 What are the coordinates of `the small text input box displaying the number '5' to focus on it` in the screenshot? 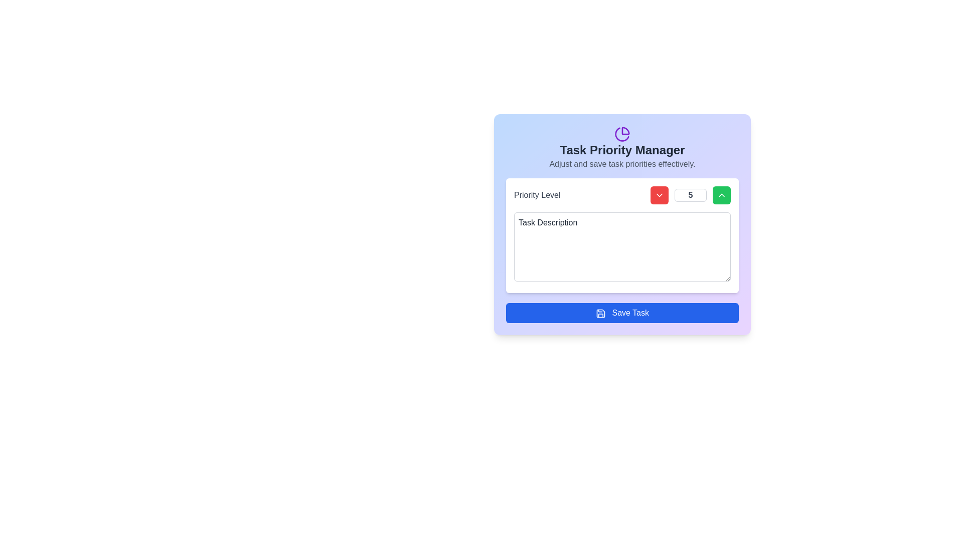 It's located at (690, 195).